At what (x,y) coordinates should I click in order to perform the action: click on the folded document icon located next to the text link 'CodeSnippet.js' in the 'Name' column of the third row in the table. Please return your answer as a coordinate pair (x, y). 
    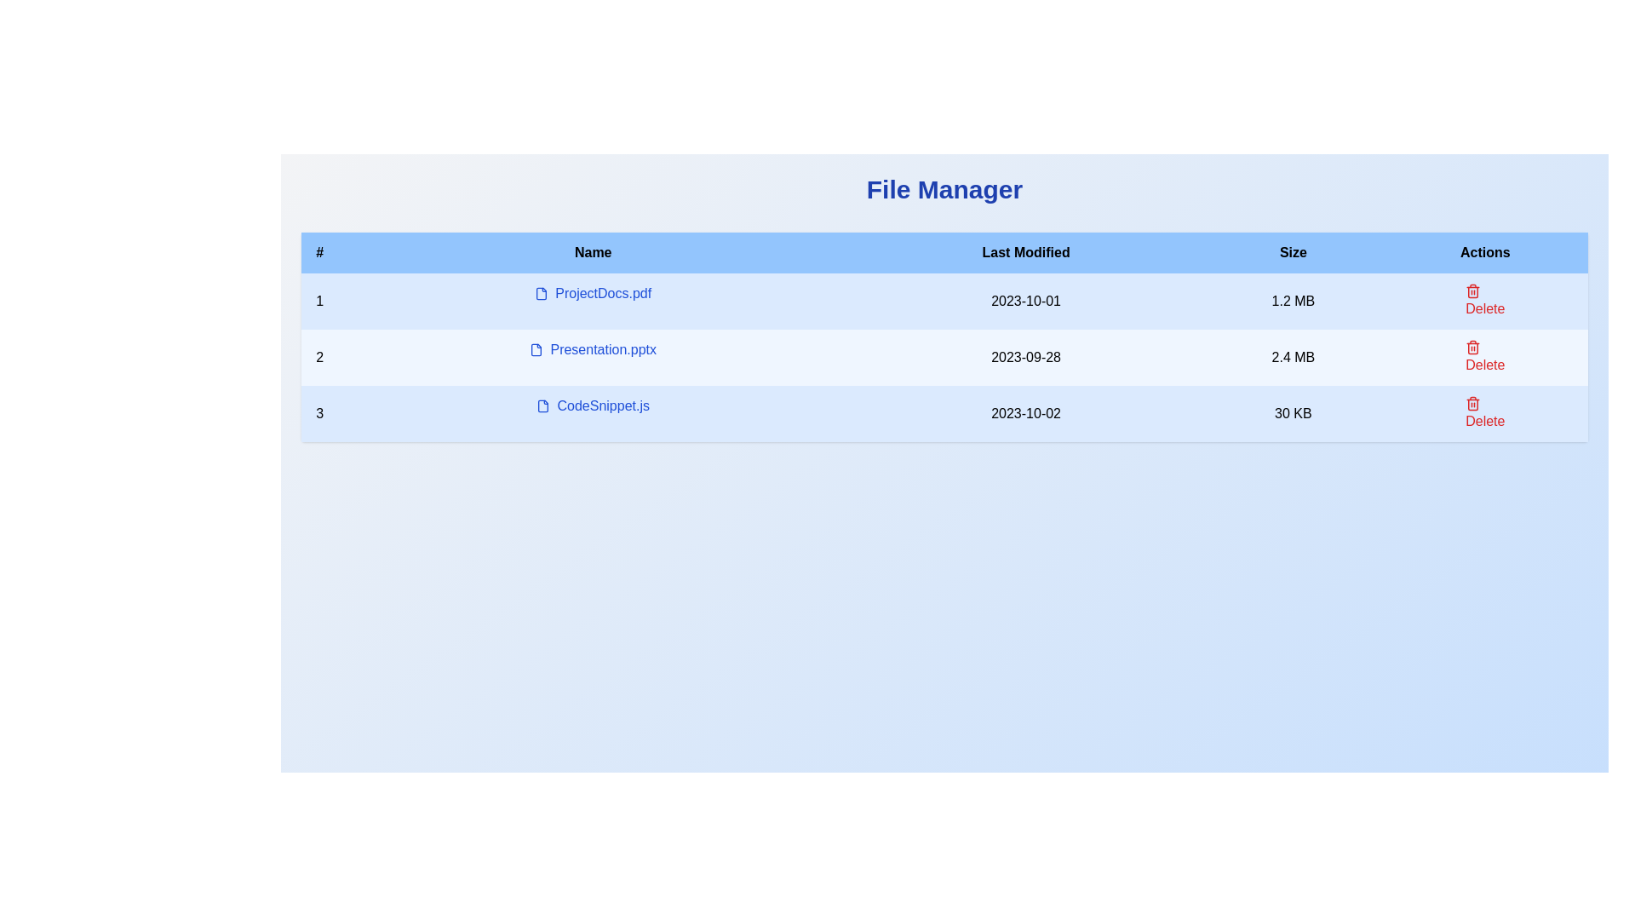
    Looking at the image, I should click on (542, 406).